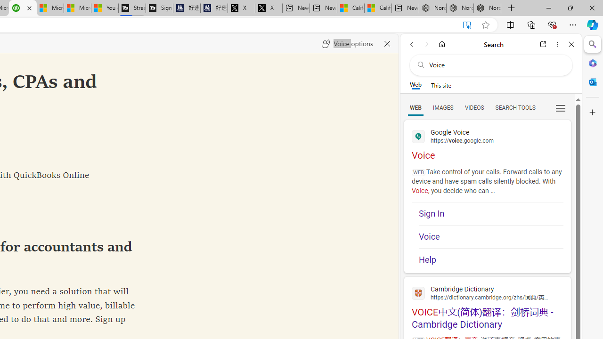 Image resolution: width=603 pixels, height=339 pixels. Describe the element at coordinates (467, 24) in the screenshot. I see `'Exit Immersive Reader (F9)'` at that location.